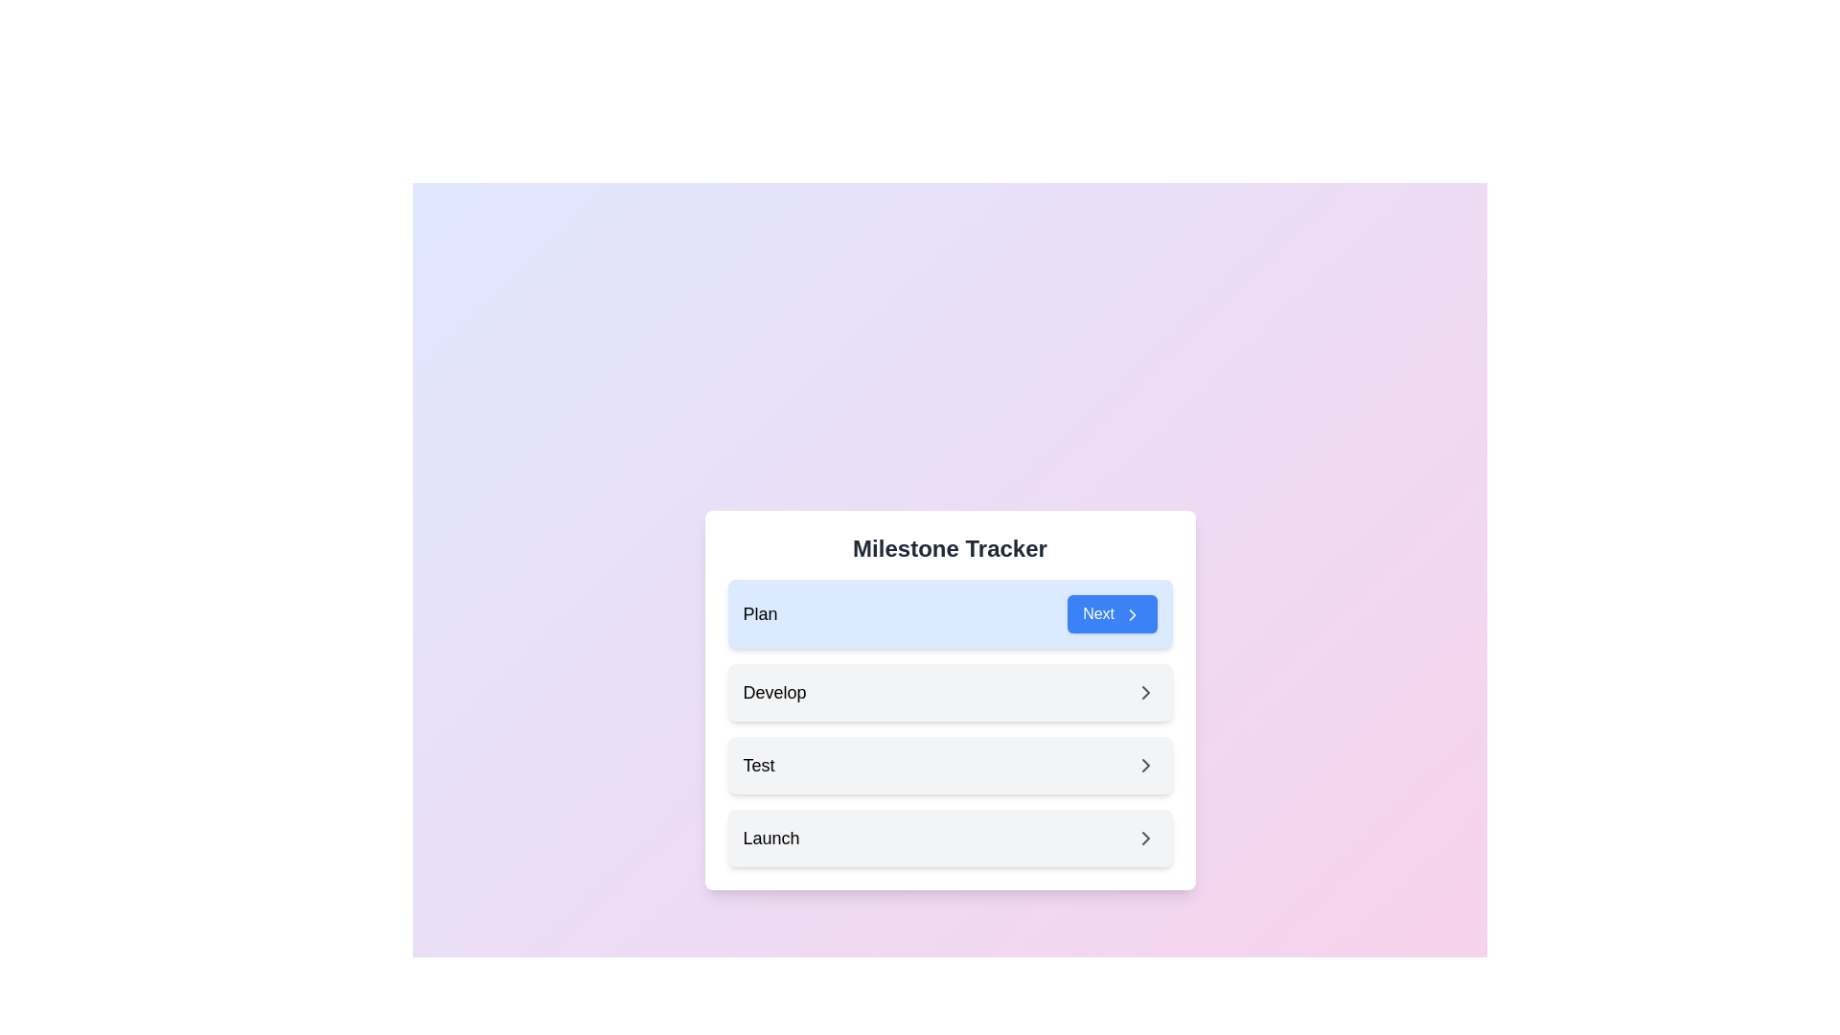 The image size is (1840, 1035). Describe the element at coordinates (1132, 614) in the screenshot. I see `the 'Next' button icon located in the top-right corner of the button's area` at that location.